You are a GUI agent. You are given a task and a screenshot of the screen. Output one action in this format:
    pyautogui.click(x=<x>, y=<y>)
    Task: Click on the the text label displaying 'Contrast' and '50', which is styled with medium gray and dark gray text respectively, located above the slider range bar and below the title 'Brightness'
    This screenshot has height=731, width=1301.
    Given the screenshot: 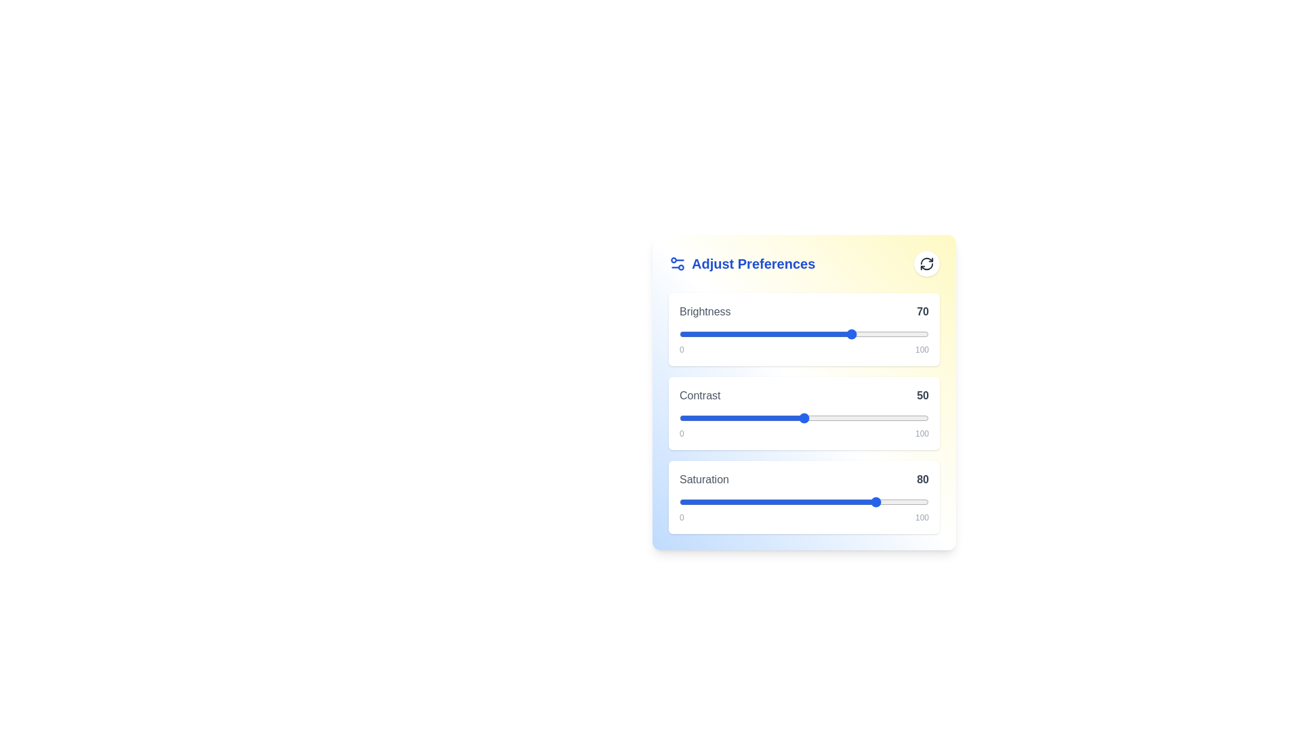 What is the action you would take?
    pyautogui.click(x=804, y=396)
    